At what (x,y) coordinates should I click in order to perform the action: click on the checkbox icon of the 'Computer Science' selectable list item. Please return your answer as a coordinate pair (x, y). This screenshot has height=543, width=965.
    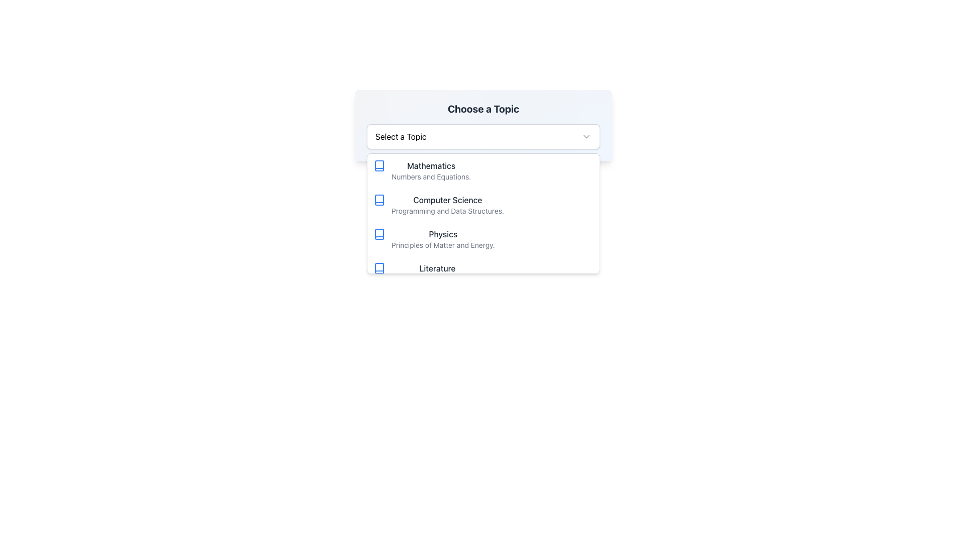
    Looking at the image, I should click on (483, 205).